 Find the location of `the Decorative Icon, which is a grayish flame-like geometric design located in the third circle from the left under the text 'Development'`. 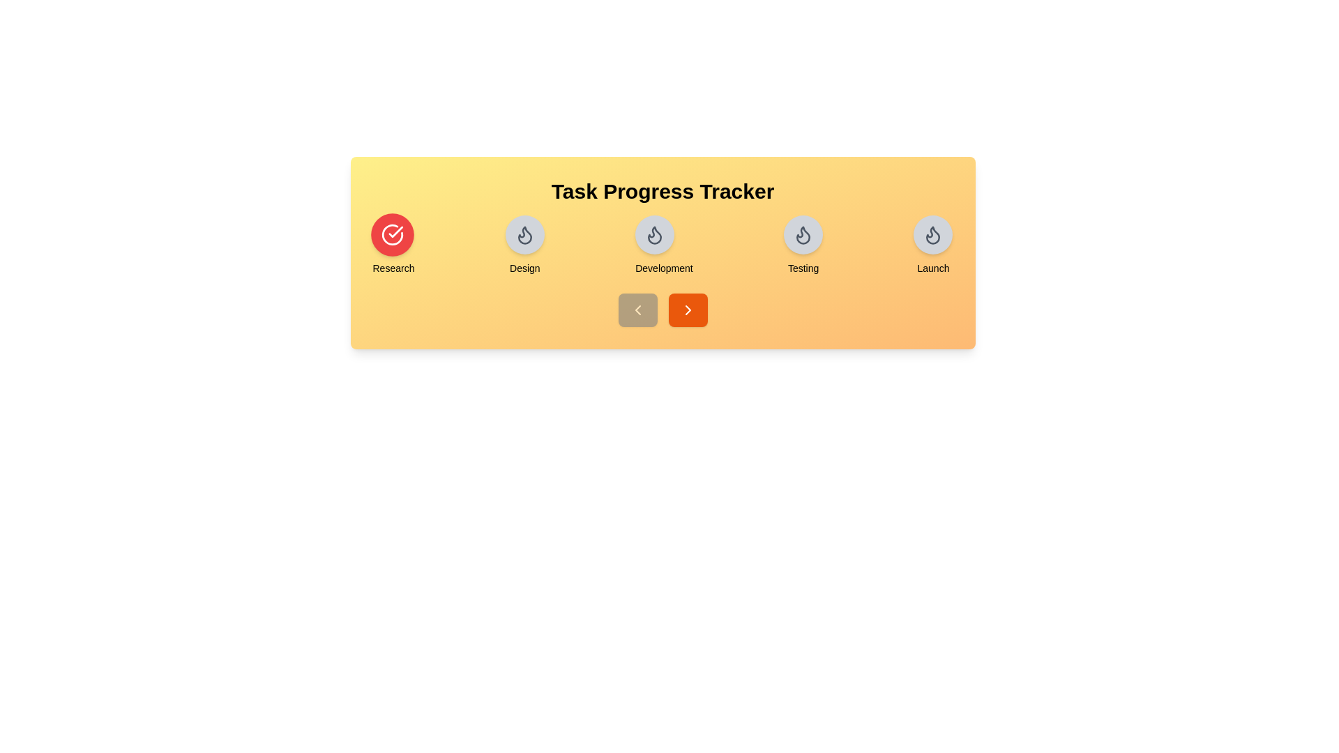

the Decorative Icon, which is a grayish flame-like geometric design located in the third circle from the left under the text 'Development' is located at coordinates (803, 234).